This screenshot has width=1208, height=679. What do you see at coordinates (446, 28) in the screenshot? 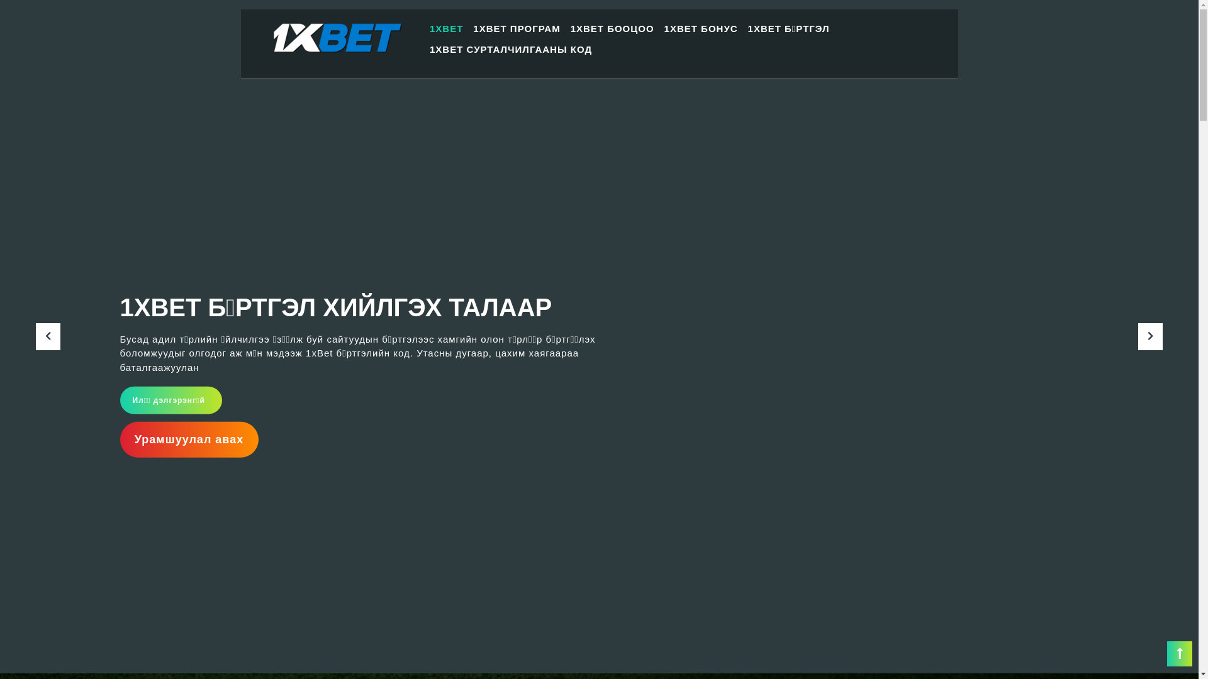
I see `'1XBET'` at bounding box center [446, 28].